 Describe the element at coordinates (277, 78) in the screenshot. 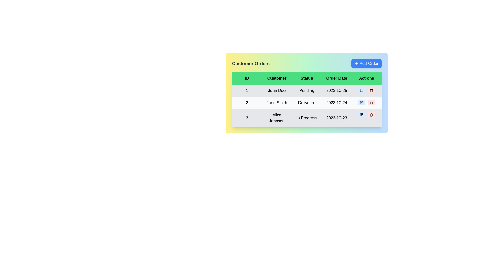

I see `the 'Customer' text label, which is a bold black text centered in a green rectangular area, positioned as the second column header in the table` at that location.